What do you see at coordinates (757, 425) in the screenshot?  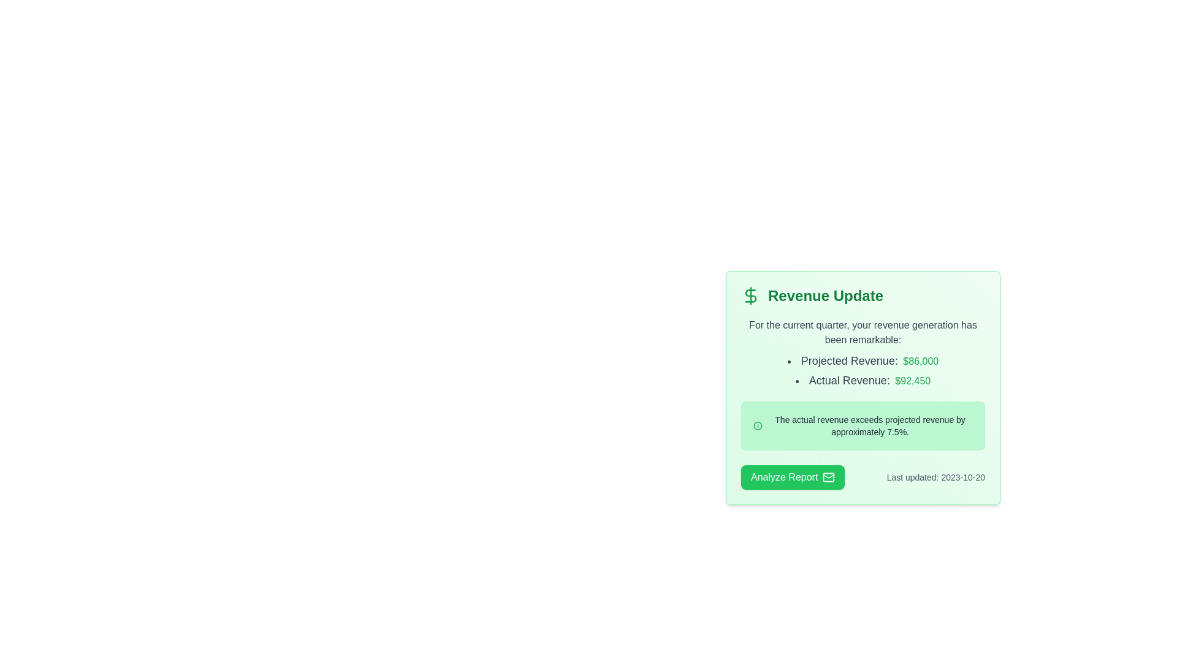 I see `the green circular icon with an 'i' glyph that represents information, located at the leftmost position in a horizontal layout containing descriptive text about revenue` at bounding box center [757, 425].